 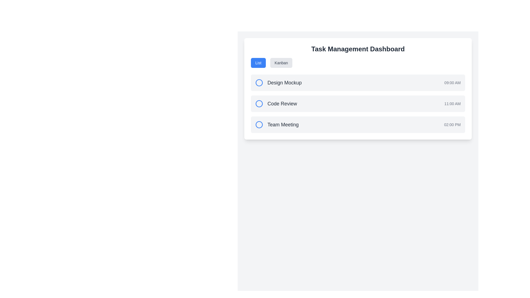 What do you see at coordinates (281, 62) in the screenshot?
I see `the second button on the task management dashboard to switch to Kanban view` at bounding box center [281, 62].